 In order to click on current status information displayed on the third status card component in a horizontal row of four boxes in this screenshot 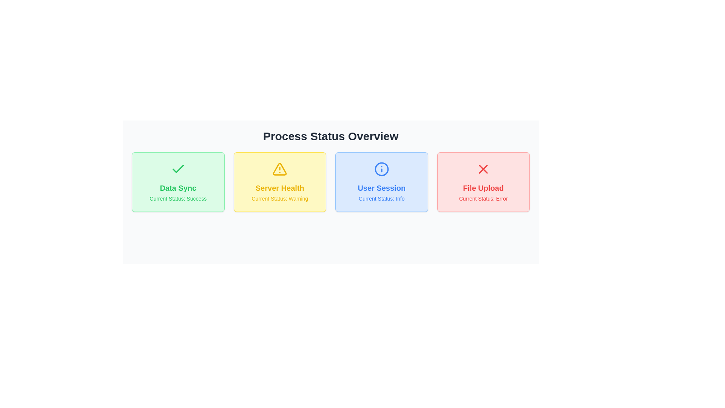, I will do `click(381, 182)`.